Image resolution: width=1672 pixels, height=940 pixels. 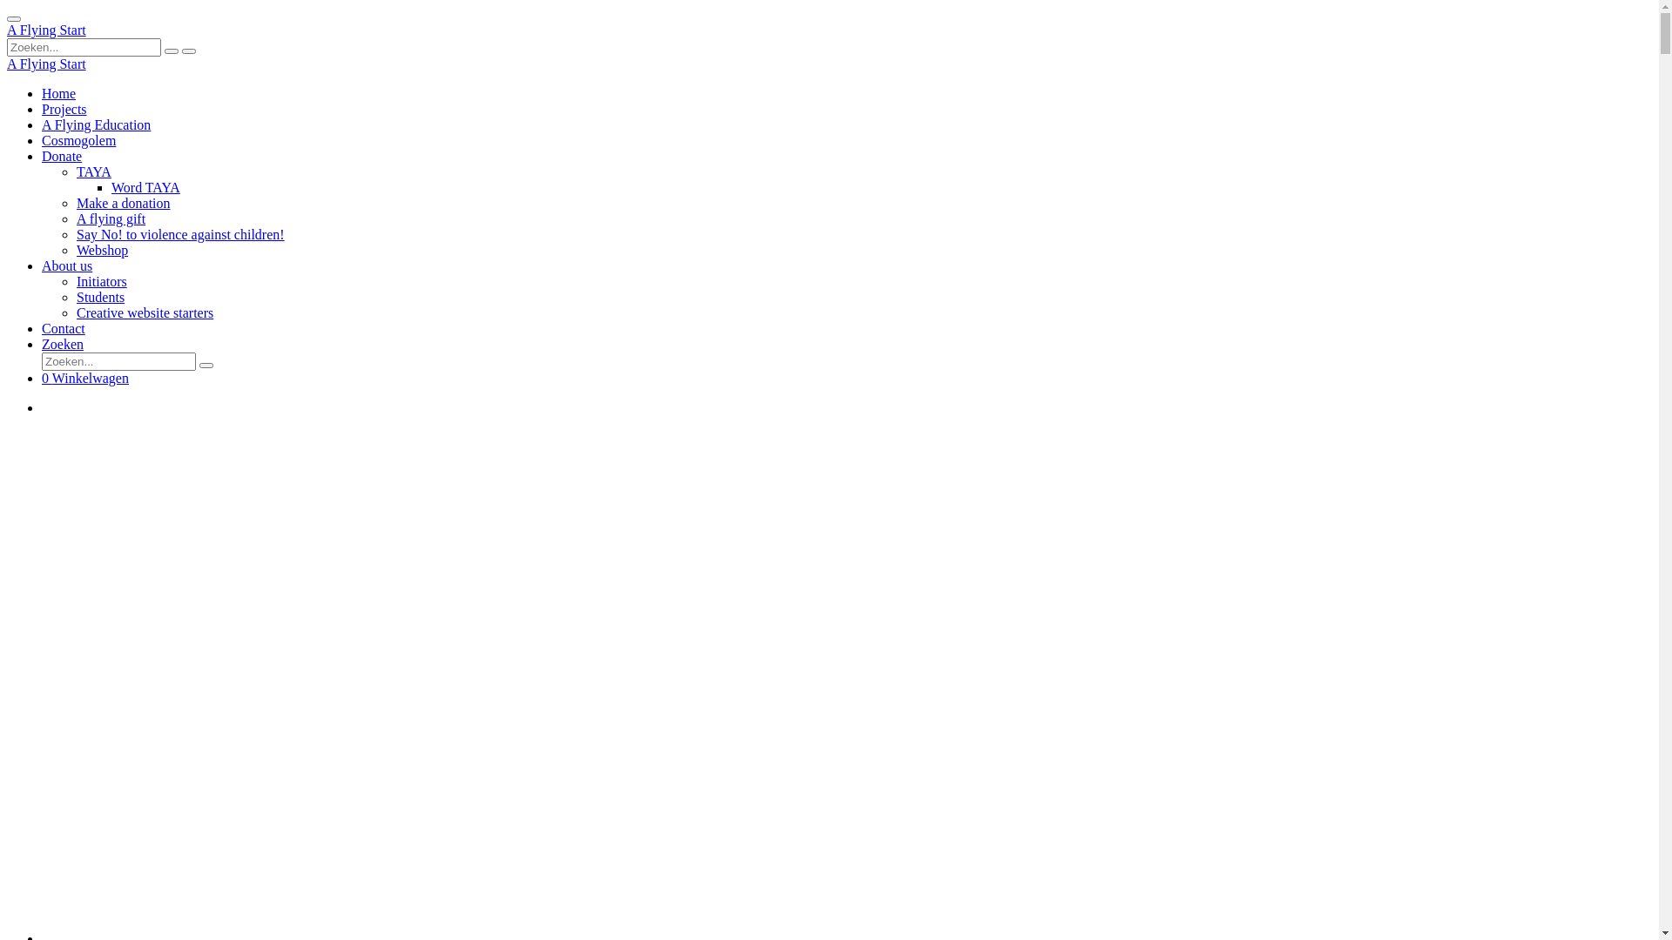 I want to click on 'Creative website starters', so click(x=75, y=312).